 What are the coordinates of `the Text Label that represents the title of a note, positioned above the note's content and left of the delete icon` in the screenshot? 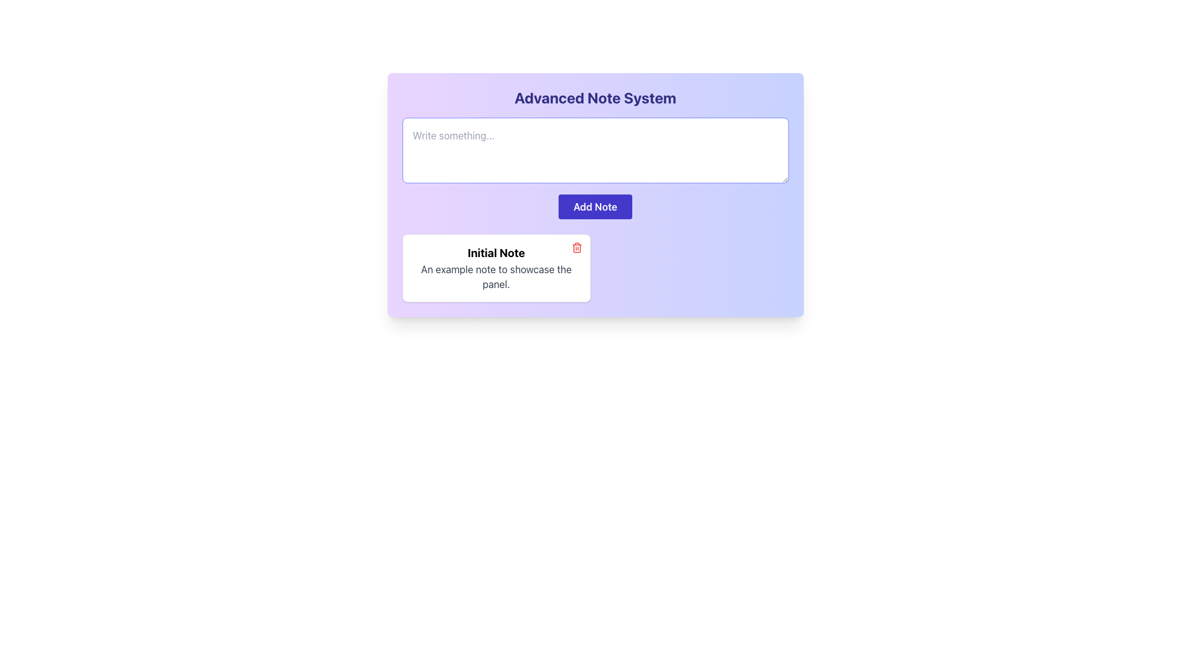 It's located at (496, 252).